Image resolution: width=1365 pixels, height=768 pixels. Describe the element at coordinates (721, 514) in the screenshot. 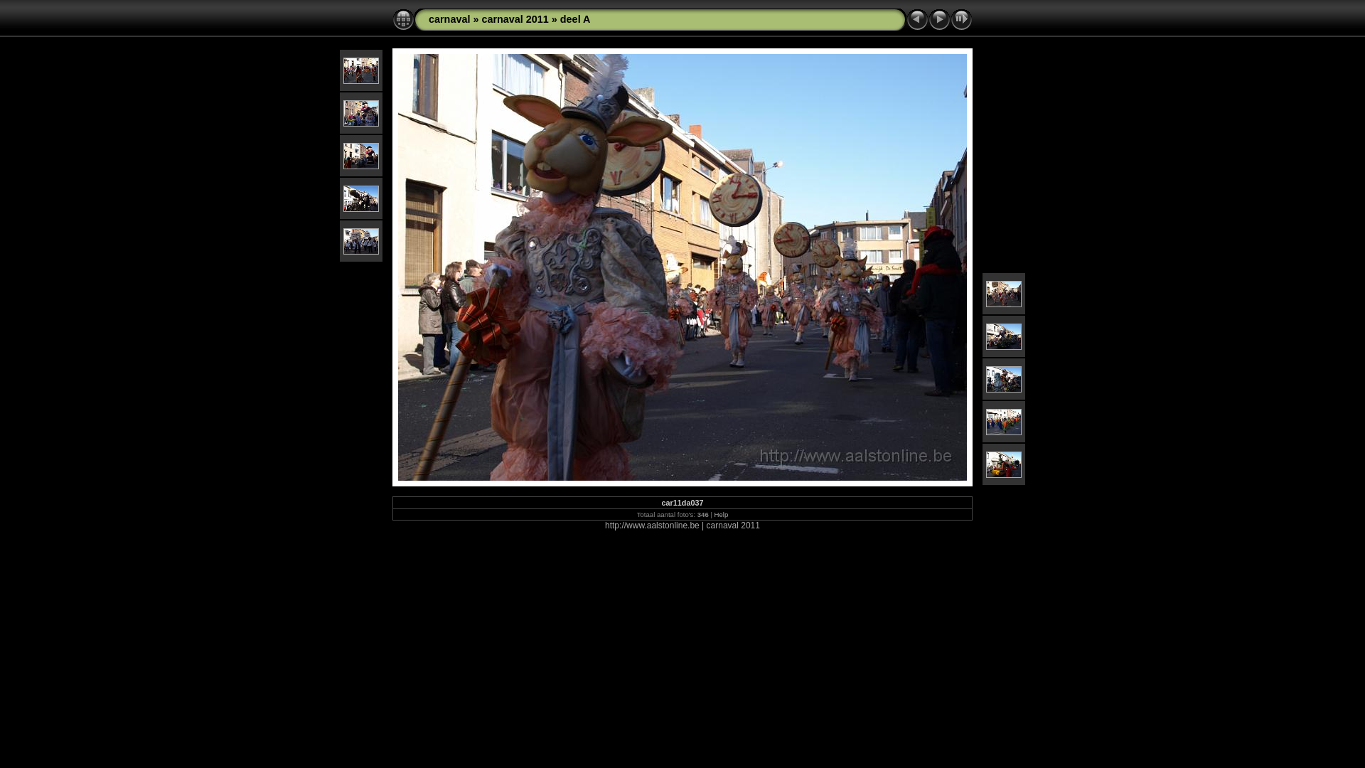

I see `'Help'` at that location.